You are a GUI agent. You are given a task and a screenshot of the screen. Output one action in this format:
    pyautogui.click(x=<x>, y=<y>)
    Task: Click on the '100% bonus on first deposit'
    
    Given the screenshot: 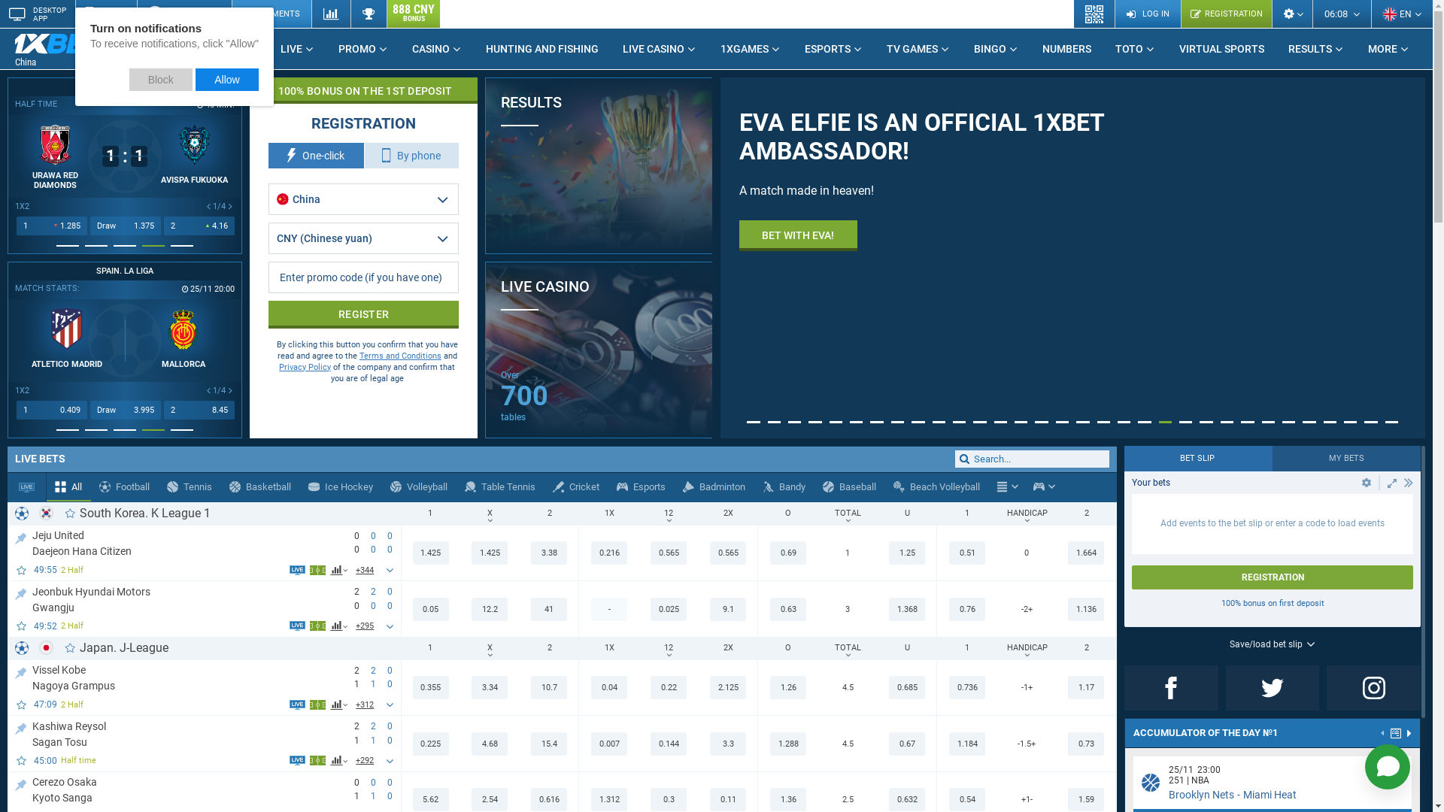 What is the action you would take?
    pyautogui.click(x=1272, y=602)
    